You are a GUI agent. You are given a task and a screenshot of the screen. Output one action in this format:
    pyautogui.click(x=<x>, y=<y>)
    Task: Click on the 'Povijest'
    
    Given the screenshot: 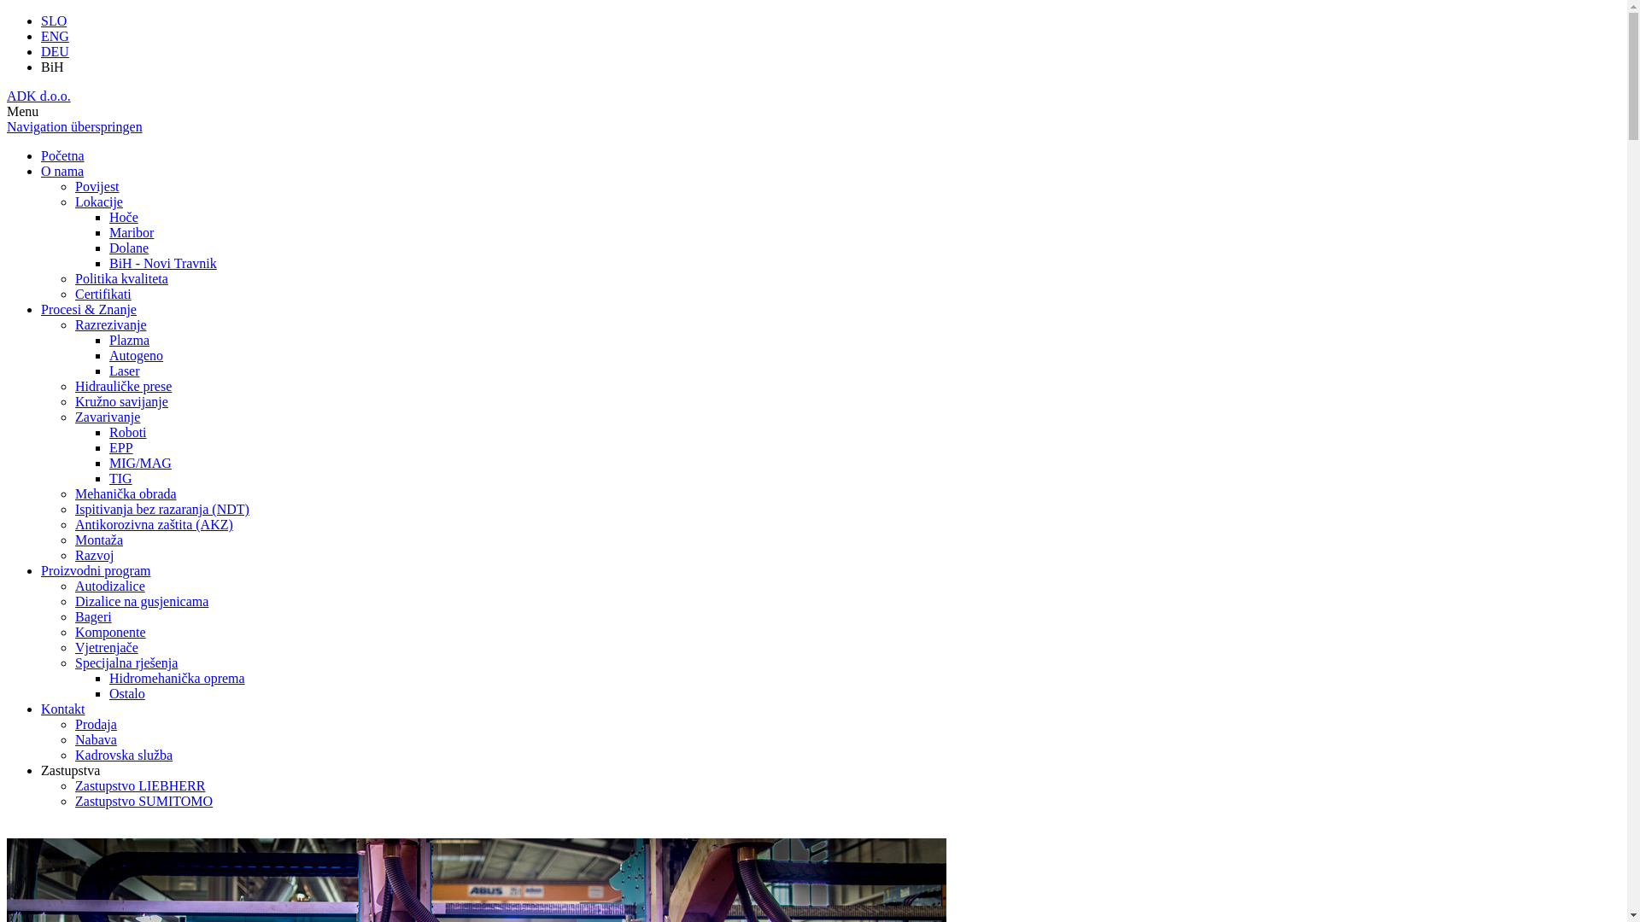 What is the action you would take?
    pyautogui.click(x=97, y=186)
    